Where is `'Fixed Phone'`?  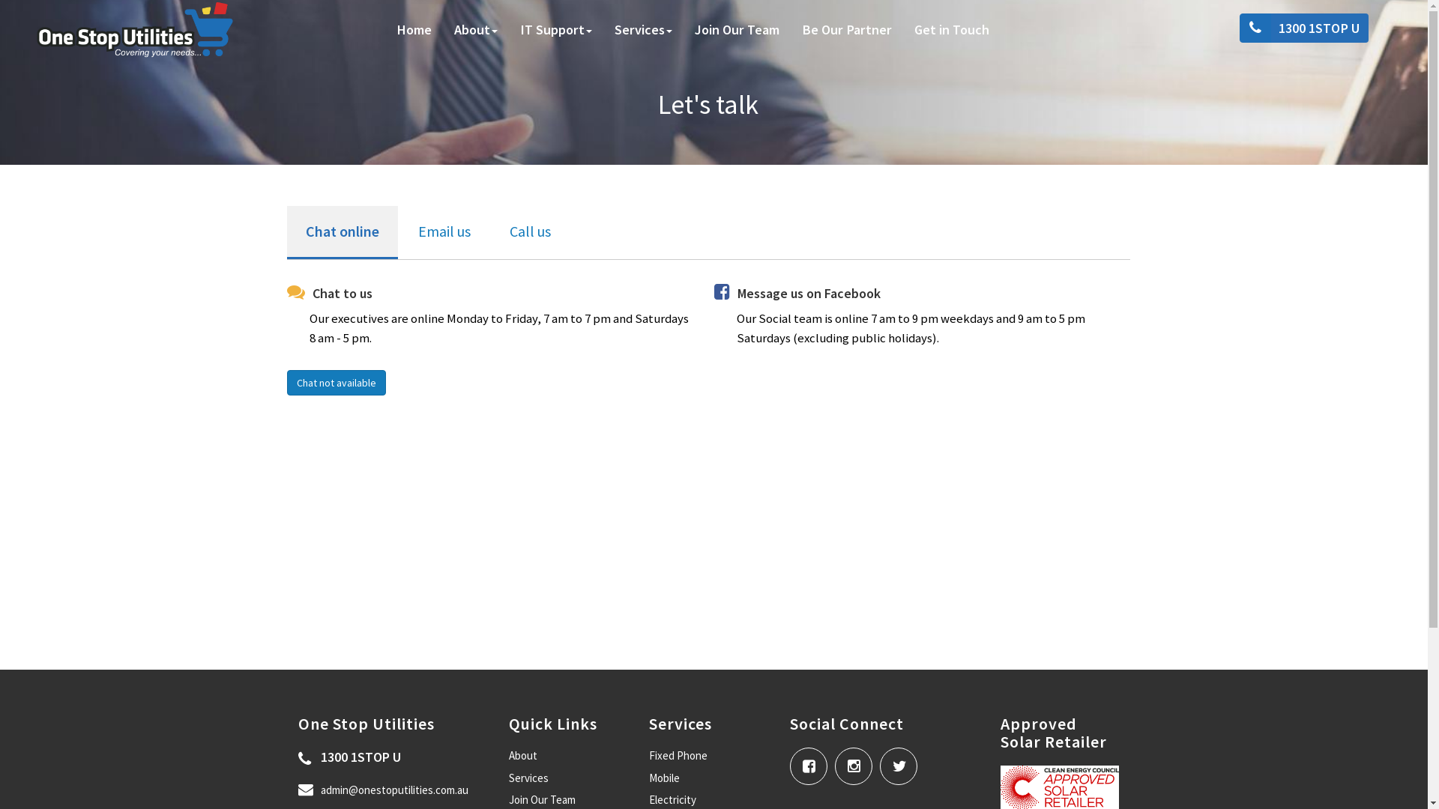
'Fixed Phone' is located at coordinates (648, 755).